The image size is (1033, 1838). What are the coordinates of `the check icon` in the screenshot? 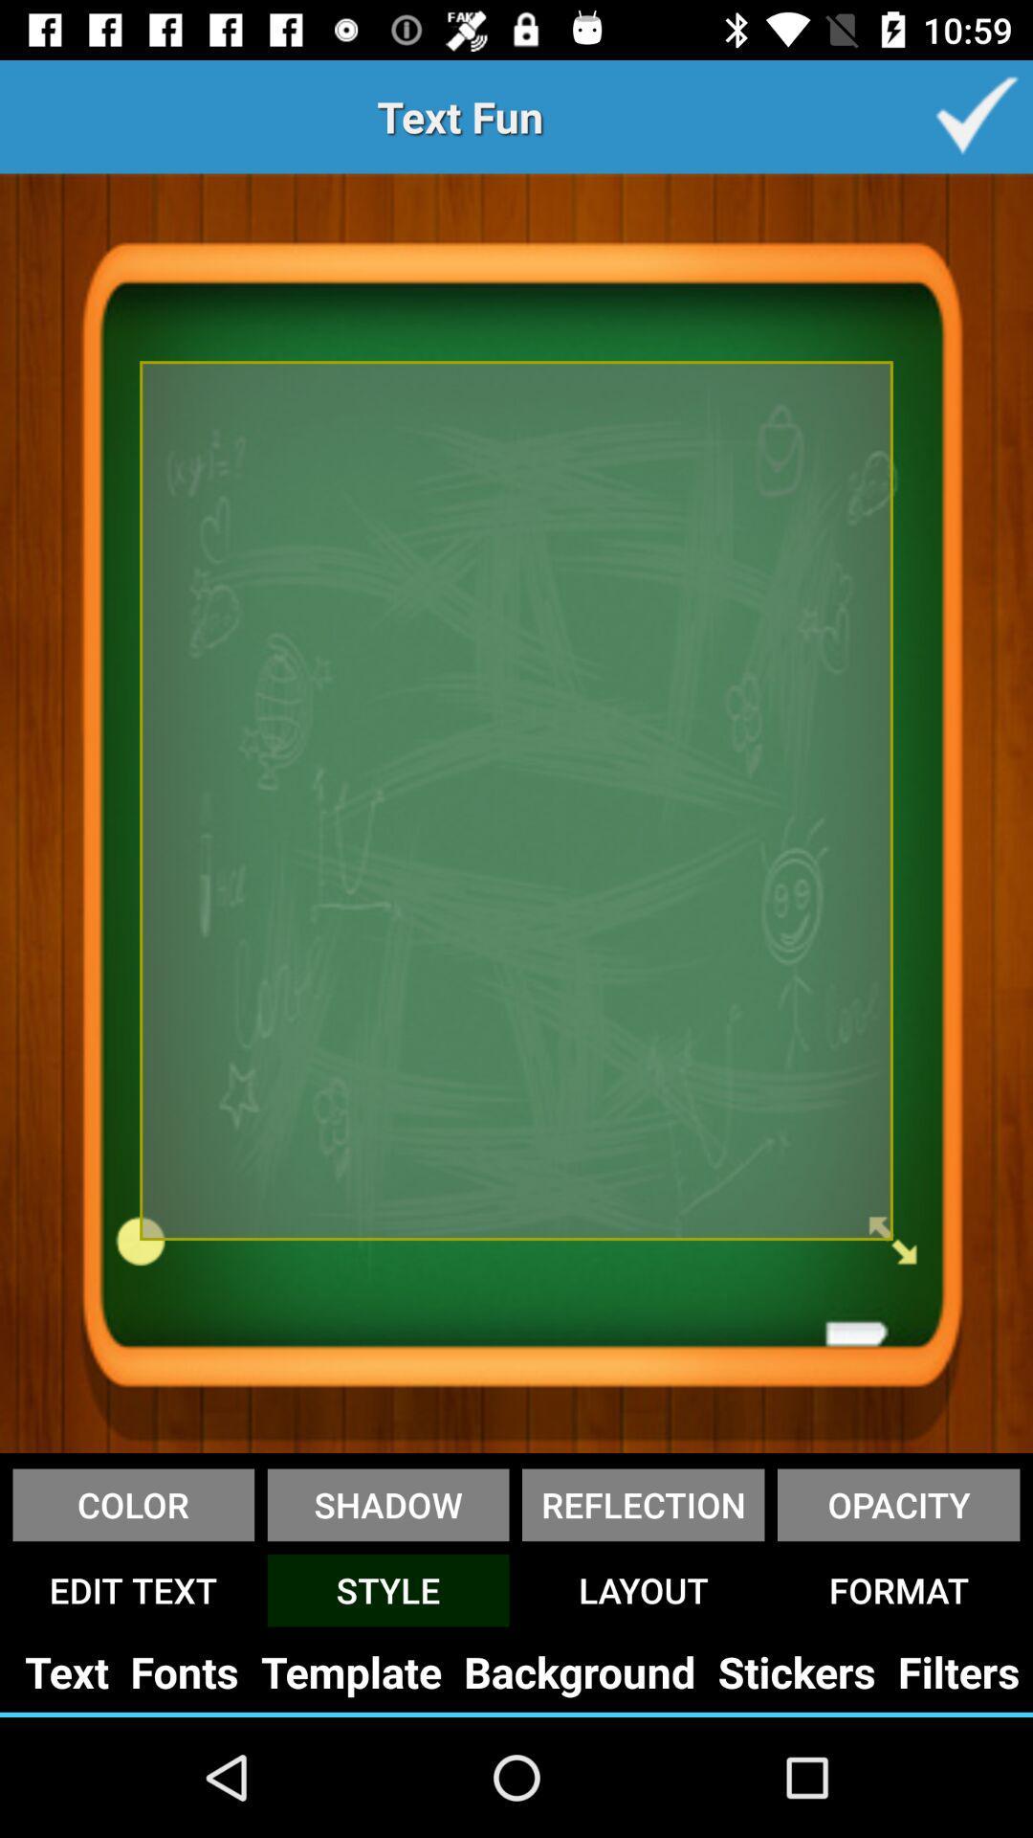 It's located at (977, 115).